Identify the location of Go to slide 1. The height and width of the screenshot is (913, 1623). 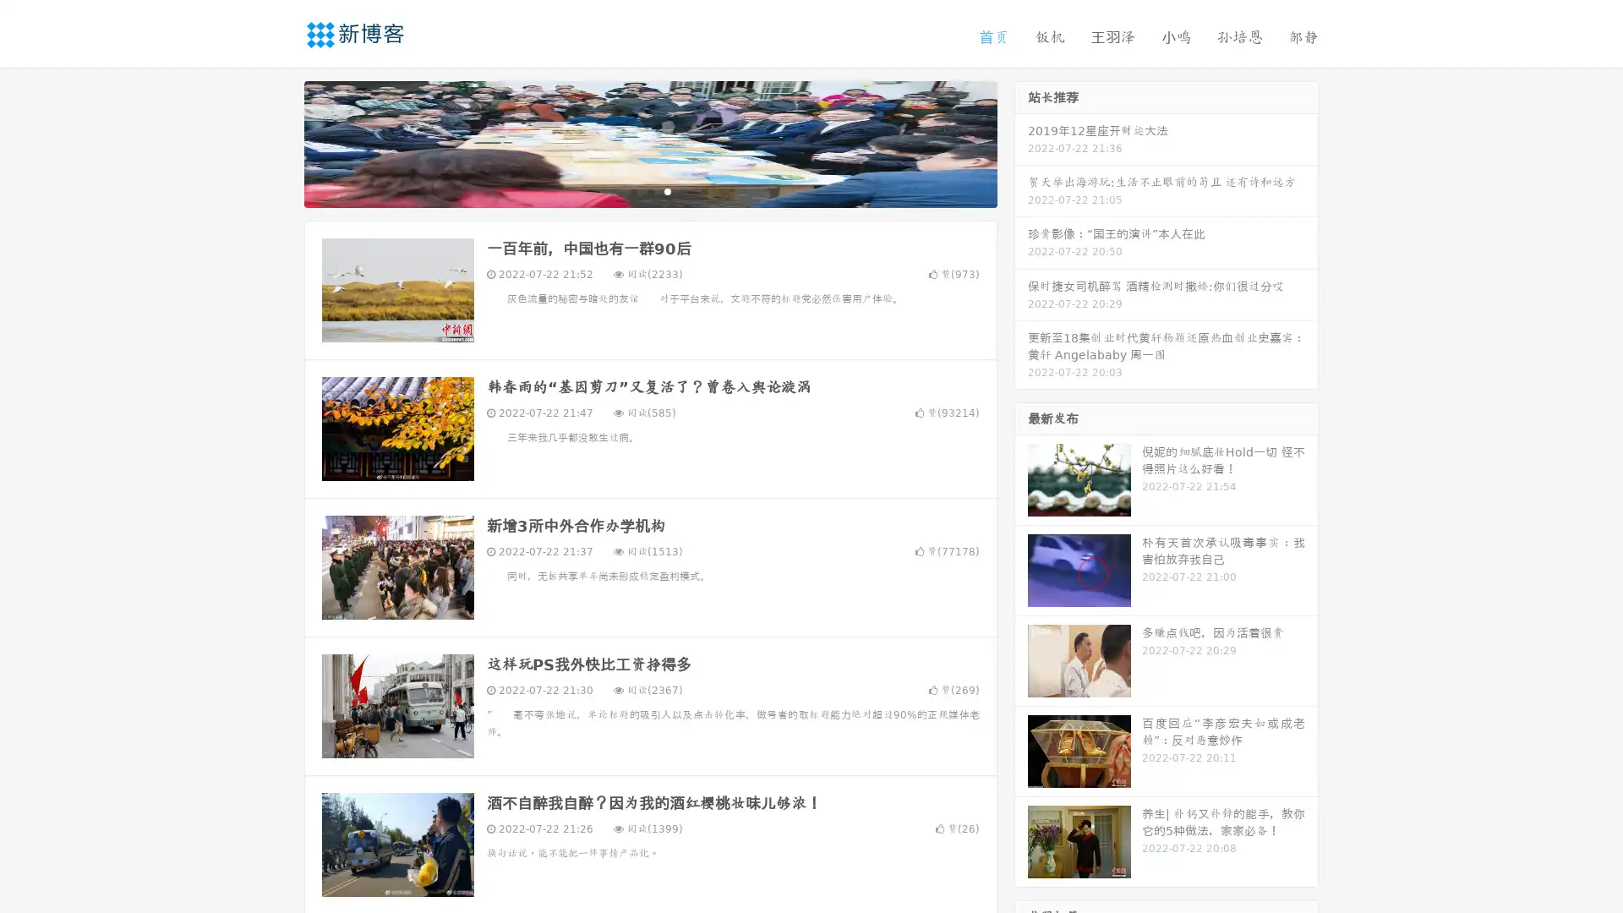
(632, 190).